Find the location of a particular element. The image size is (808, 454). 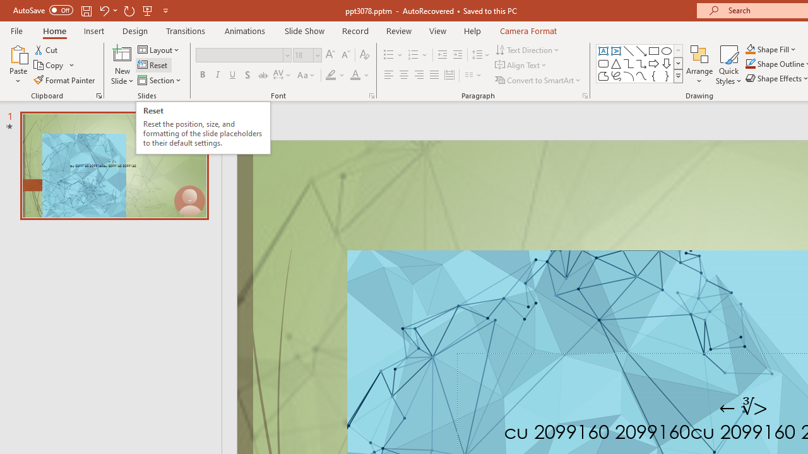

'Bullets' is located at coordinates (388, 54).